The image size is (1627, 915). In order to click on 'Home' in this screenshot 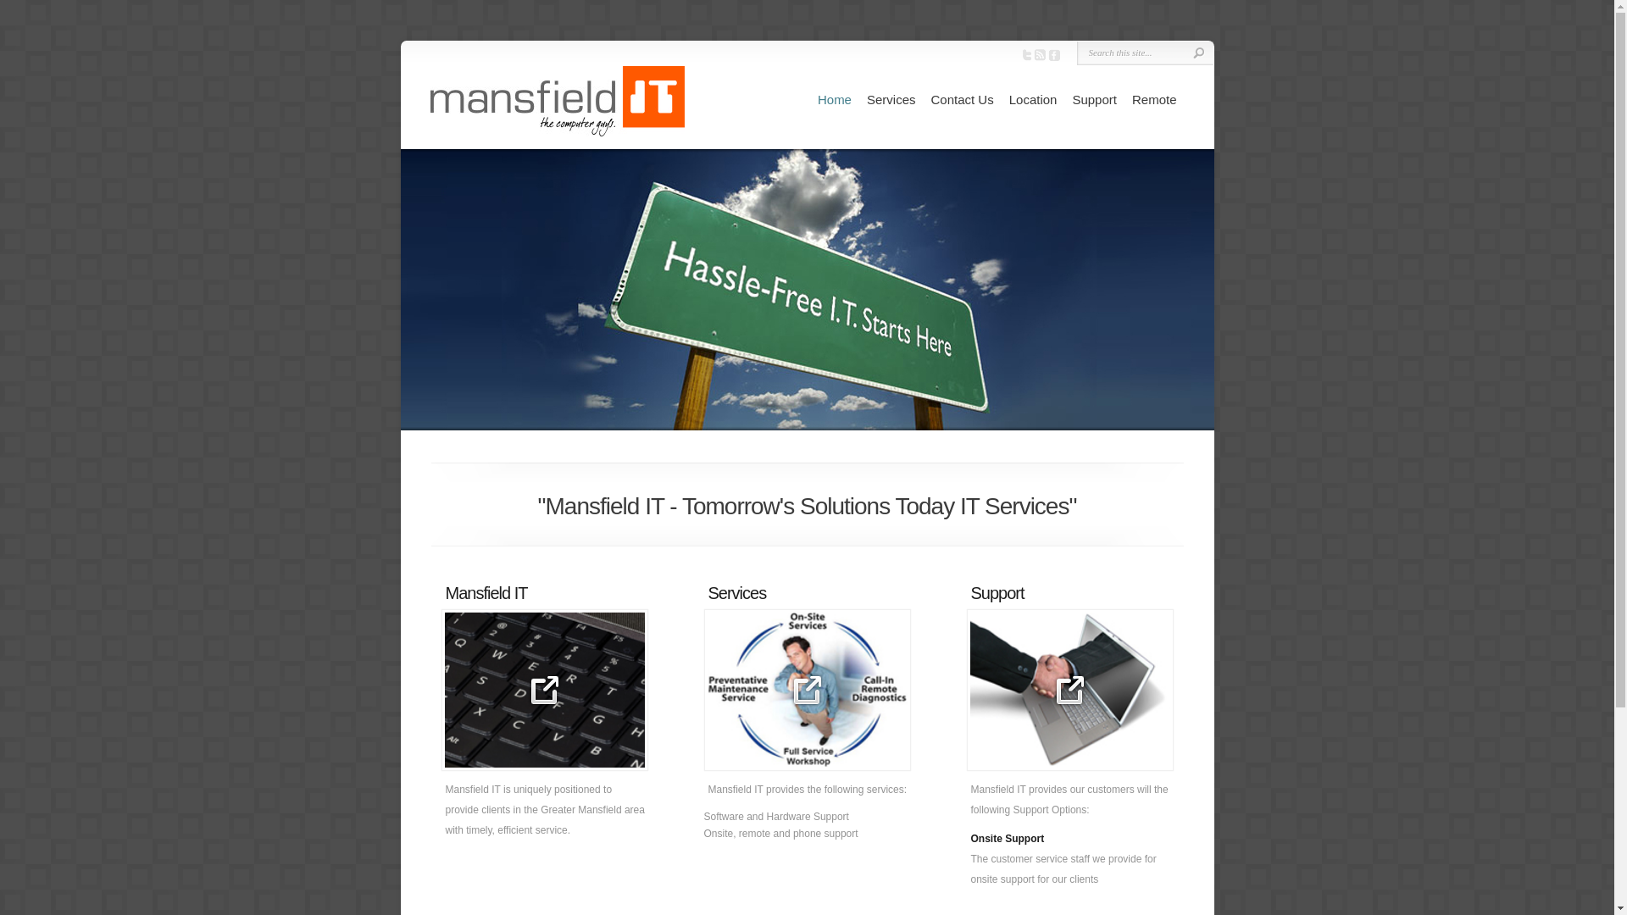, I will do `click(834, 100)`.